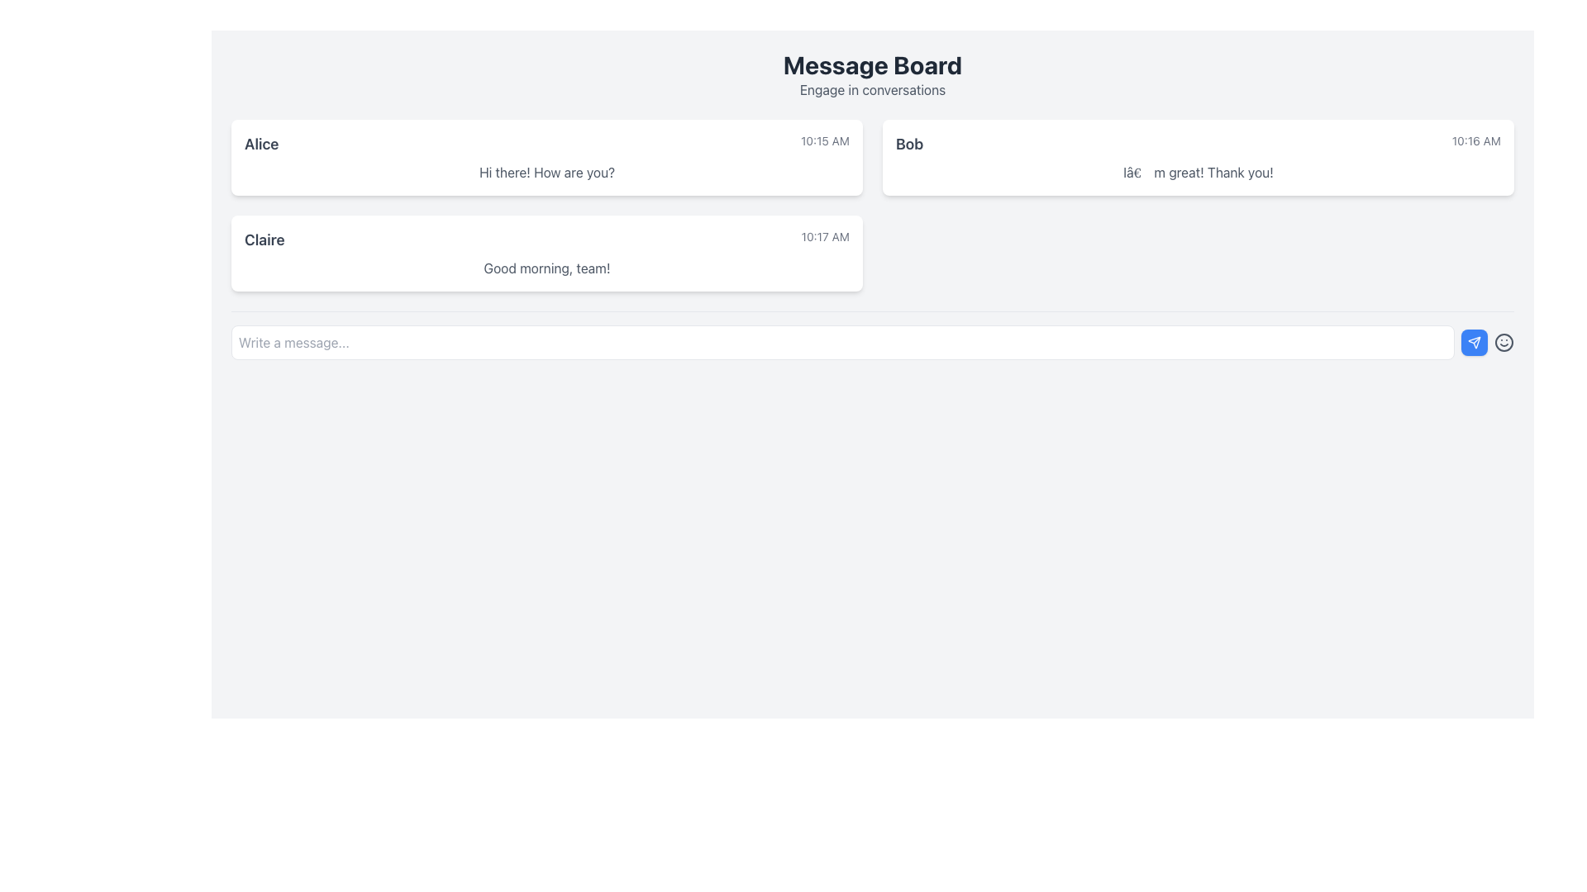 This screenshot has width=1587, height=892. Describe the element at coordinates (1504, 342) in the screenshot. I see `the smiling face emoji picker icon button located at the far right of the input area, which opens a selection of emojis for the user` at that location.